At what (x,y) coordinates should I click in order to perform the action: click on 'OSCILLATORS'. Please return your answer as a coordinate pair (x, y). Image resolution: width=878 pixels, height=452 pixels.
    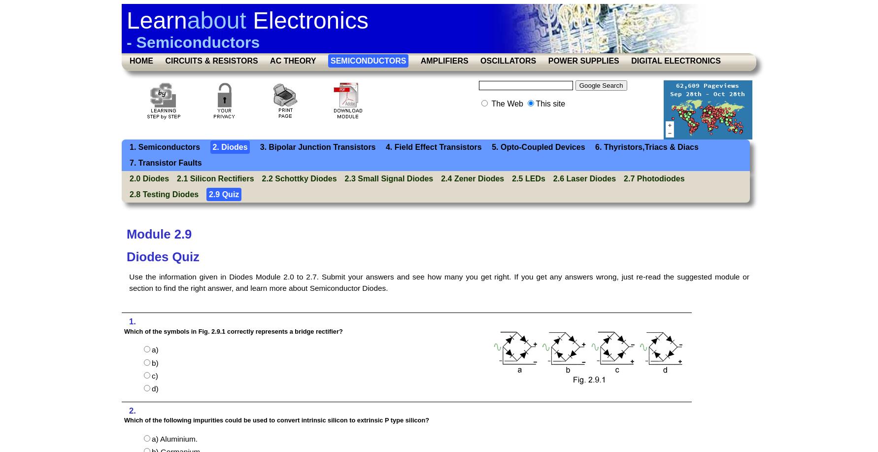
    Looking at the image, I should click on (507, 60).